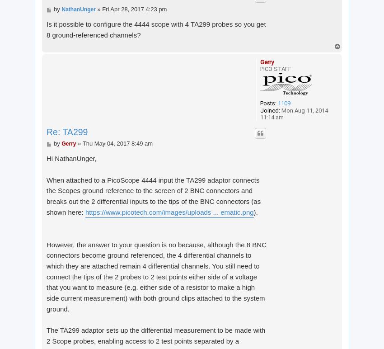 The image size is (384, 349). What do you see at coordinates (71, 158) in the screenshot?
I see `'Hi NathanUnger,'` at bounding box center [71, 158].